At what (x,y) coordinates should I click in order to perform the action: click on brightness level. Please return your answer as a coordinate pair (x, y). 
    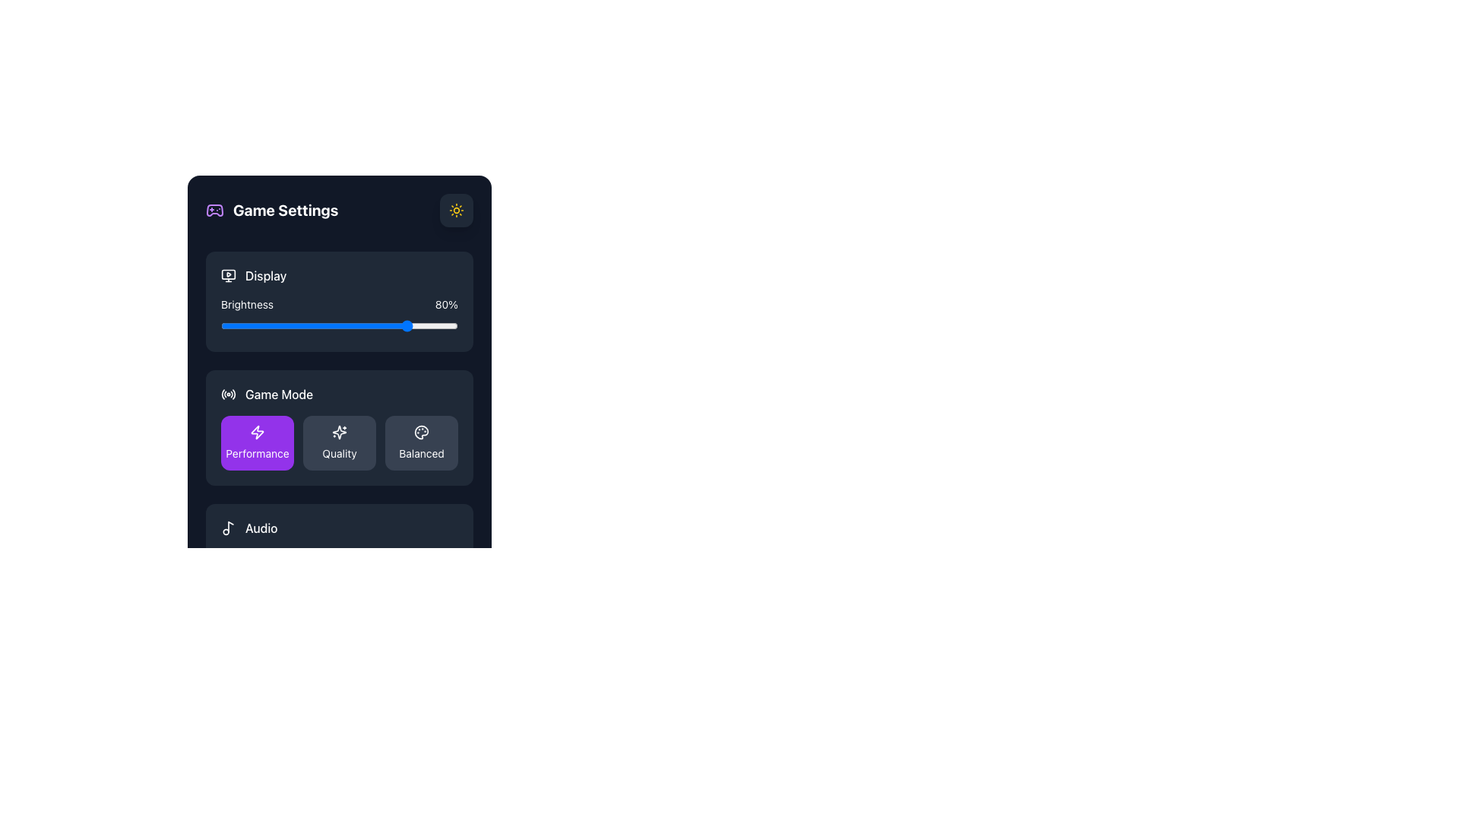
    Looking at the image, I should click on (223, 325).